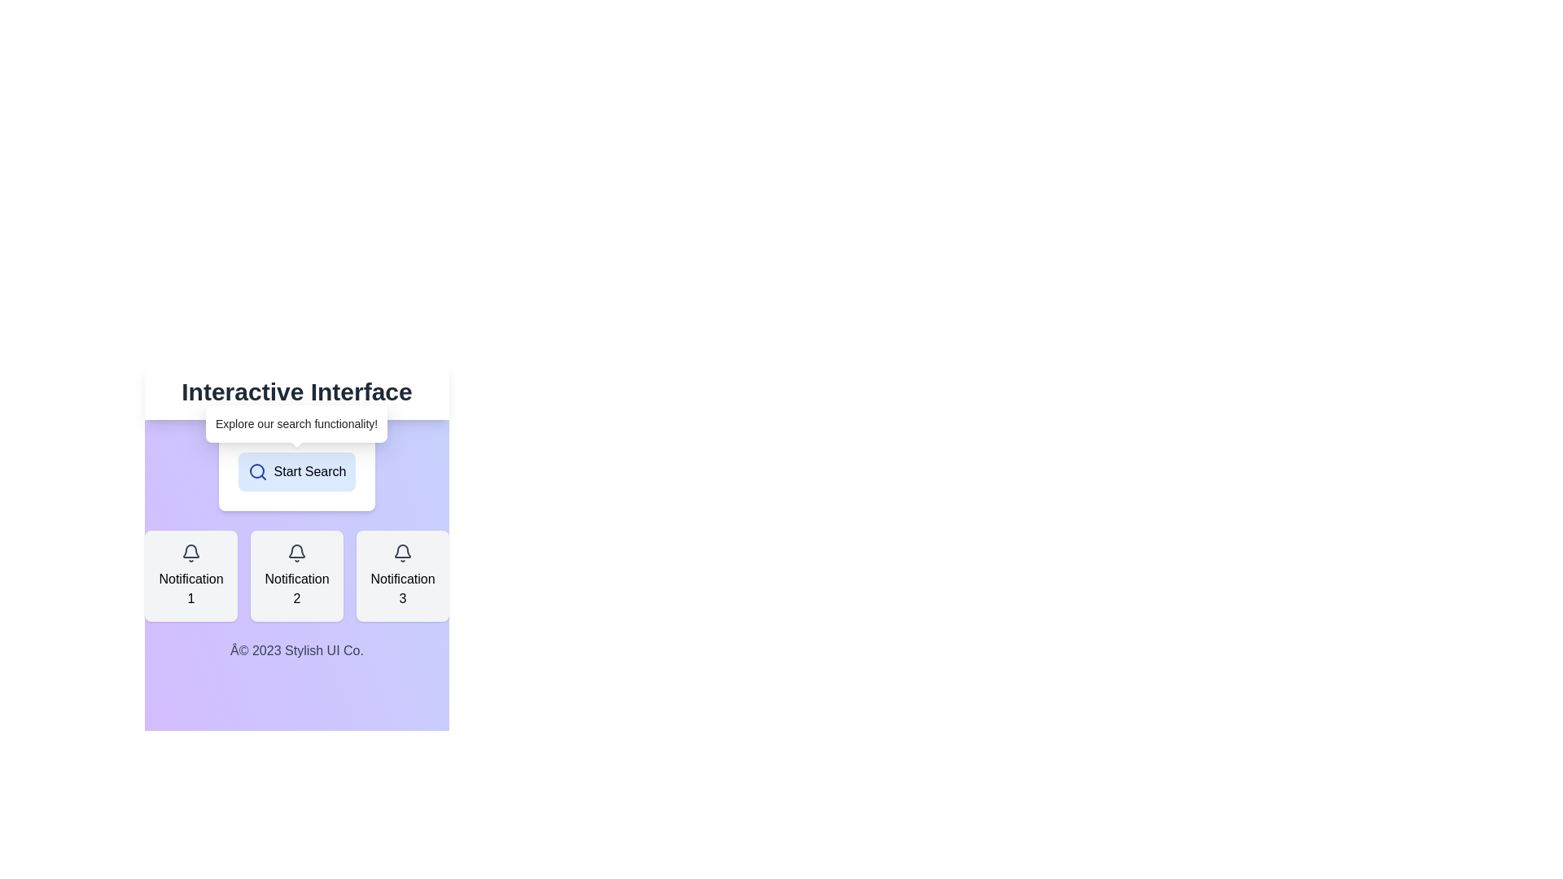 The image size is (1563, 879). What do you see at coordinates (191, 589) in the screenshot?
I see `the text label that serves as the title or description for the notification card, located at the bottom of the leftmost notification card in a grid of three cards` at bounding box center [191, 589].